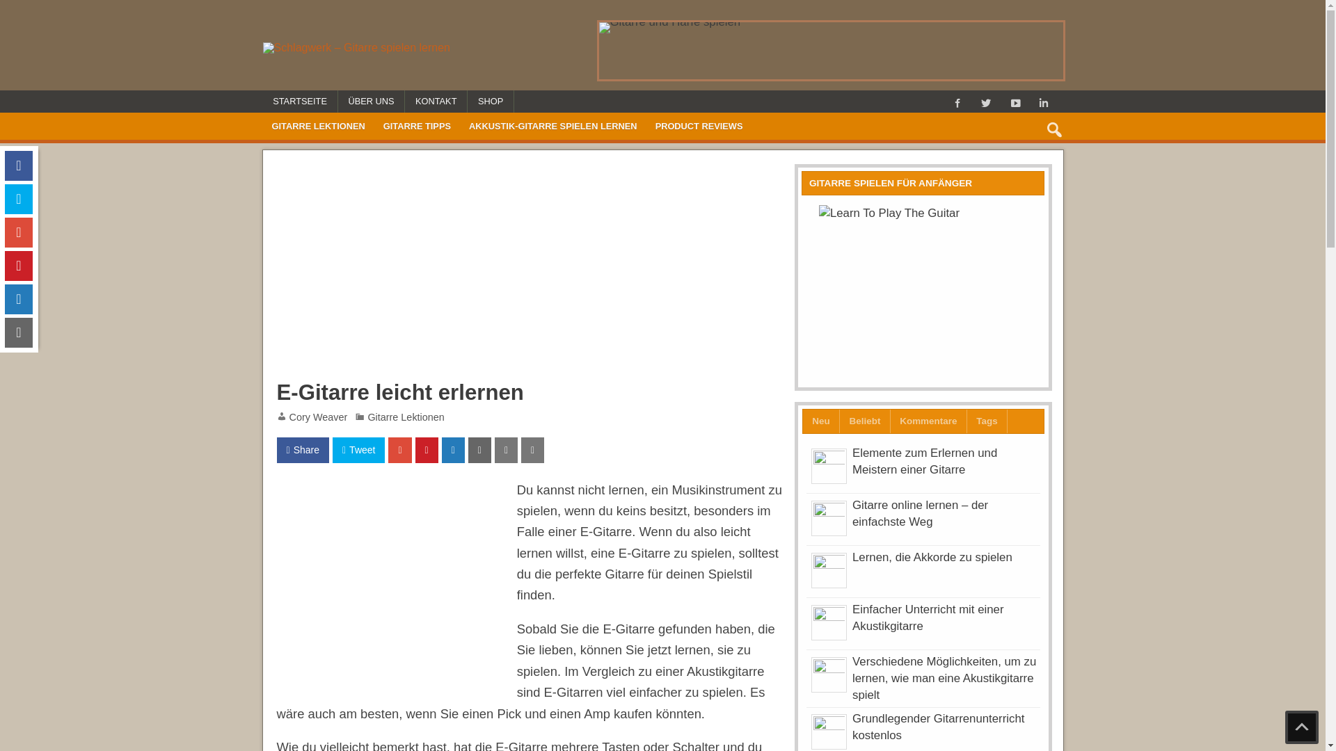  What do you see at coordinates (404, 101) in the screenshot?
I see `'KONTAKT'` at bounding box center [404, 101].